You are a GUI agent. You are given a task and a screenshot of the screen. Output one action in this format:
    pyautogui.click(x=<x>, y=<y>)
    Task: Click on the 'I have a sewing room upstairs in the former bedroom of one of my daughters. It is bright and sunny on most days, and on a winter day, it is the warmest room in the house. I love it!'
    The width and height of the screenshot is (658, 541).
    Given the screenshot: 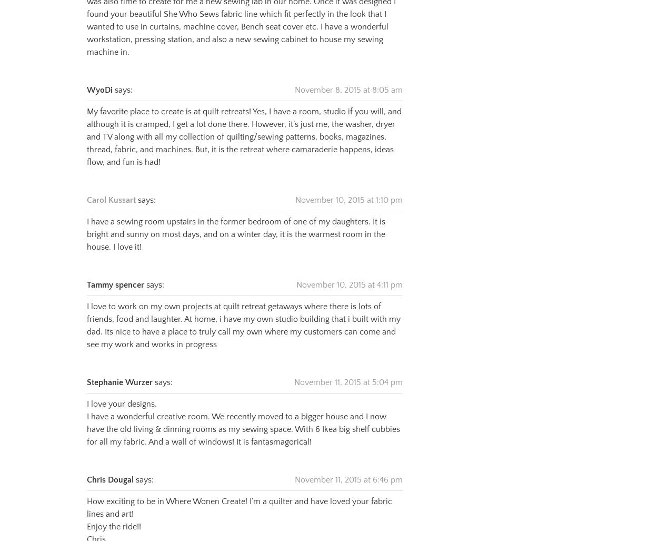 What is the action you would take?
    pyautogui.click(x=235, y=221)
    